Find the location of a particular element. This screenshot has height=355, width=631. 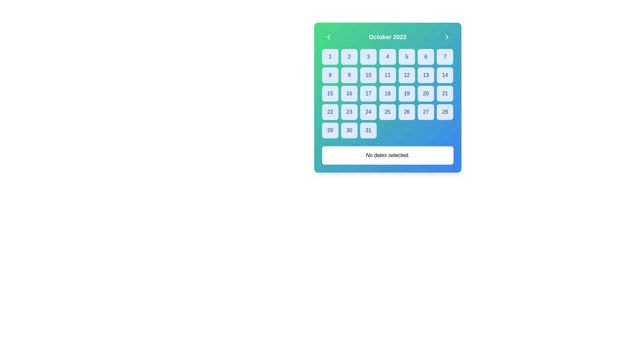

the button labeled '22' located in the fourth row and first column of the October 2023 calendar grid is located at coordinates (330, 111).